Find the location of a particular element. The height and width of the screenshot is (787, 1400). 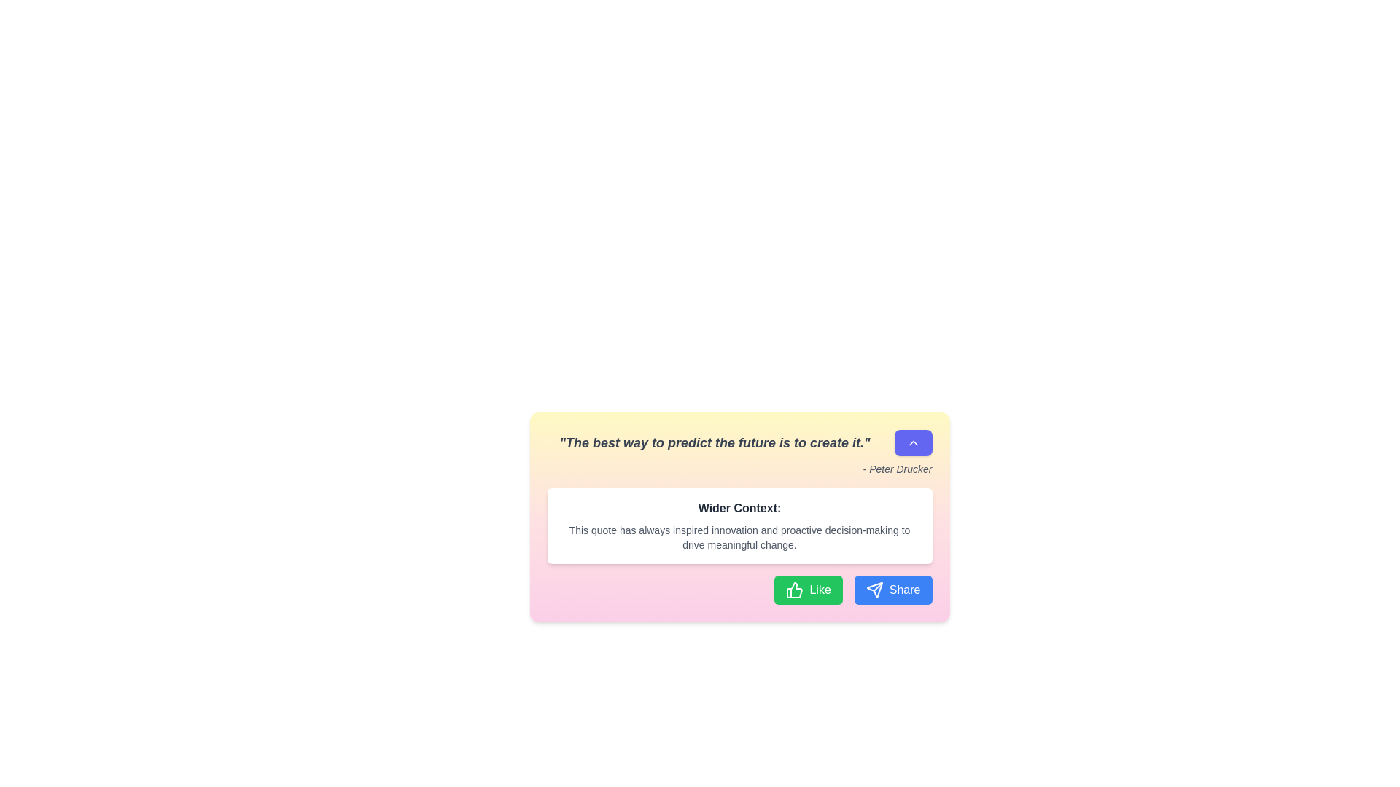

the green 'Like' button with a thumbs-up icon is located at coordinates (808, 590).